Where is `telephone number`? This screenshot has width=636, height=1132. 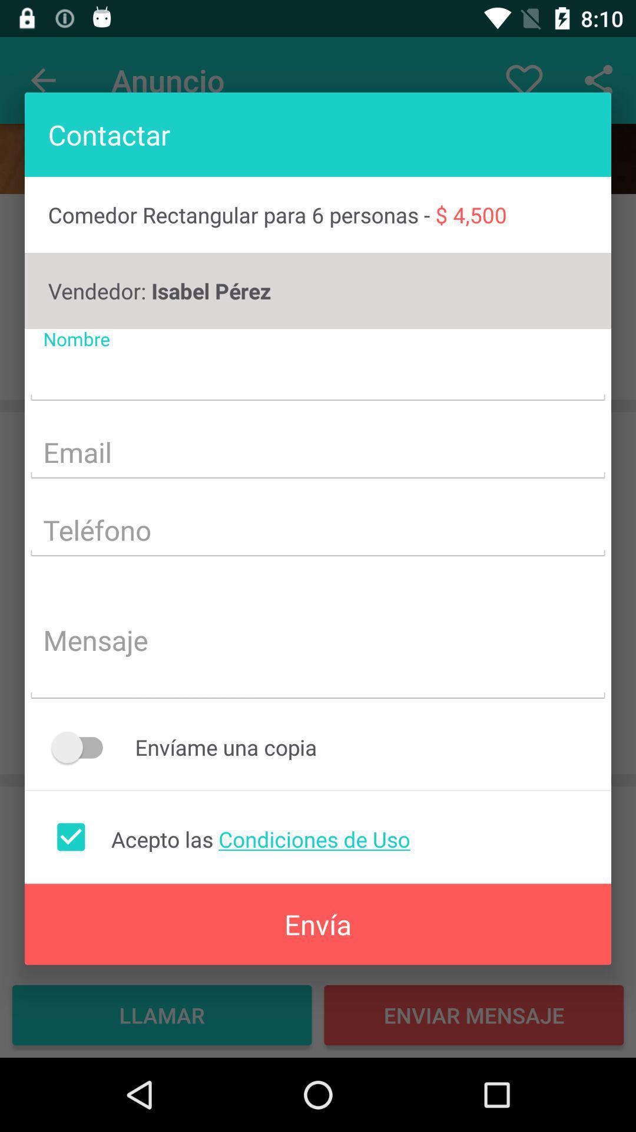 telephone number is located at coordinates (318, 531).